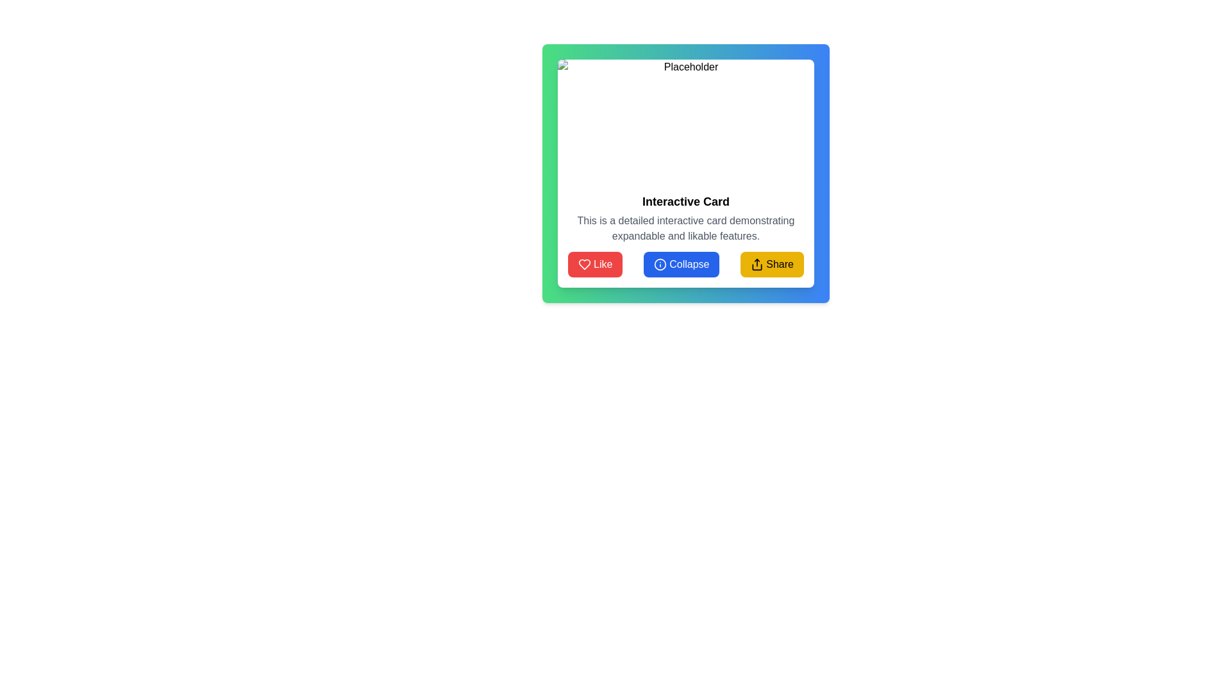 The image size is (1231, 692). I want to click on the heading text element located at the top-middle section of the bordered card, which serves as the title summarizing the card's contents, so click(685, 202).